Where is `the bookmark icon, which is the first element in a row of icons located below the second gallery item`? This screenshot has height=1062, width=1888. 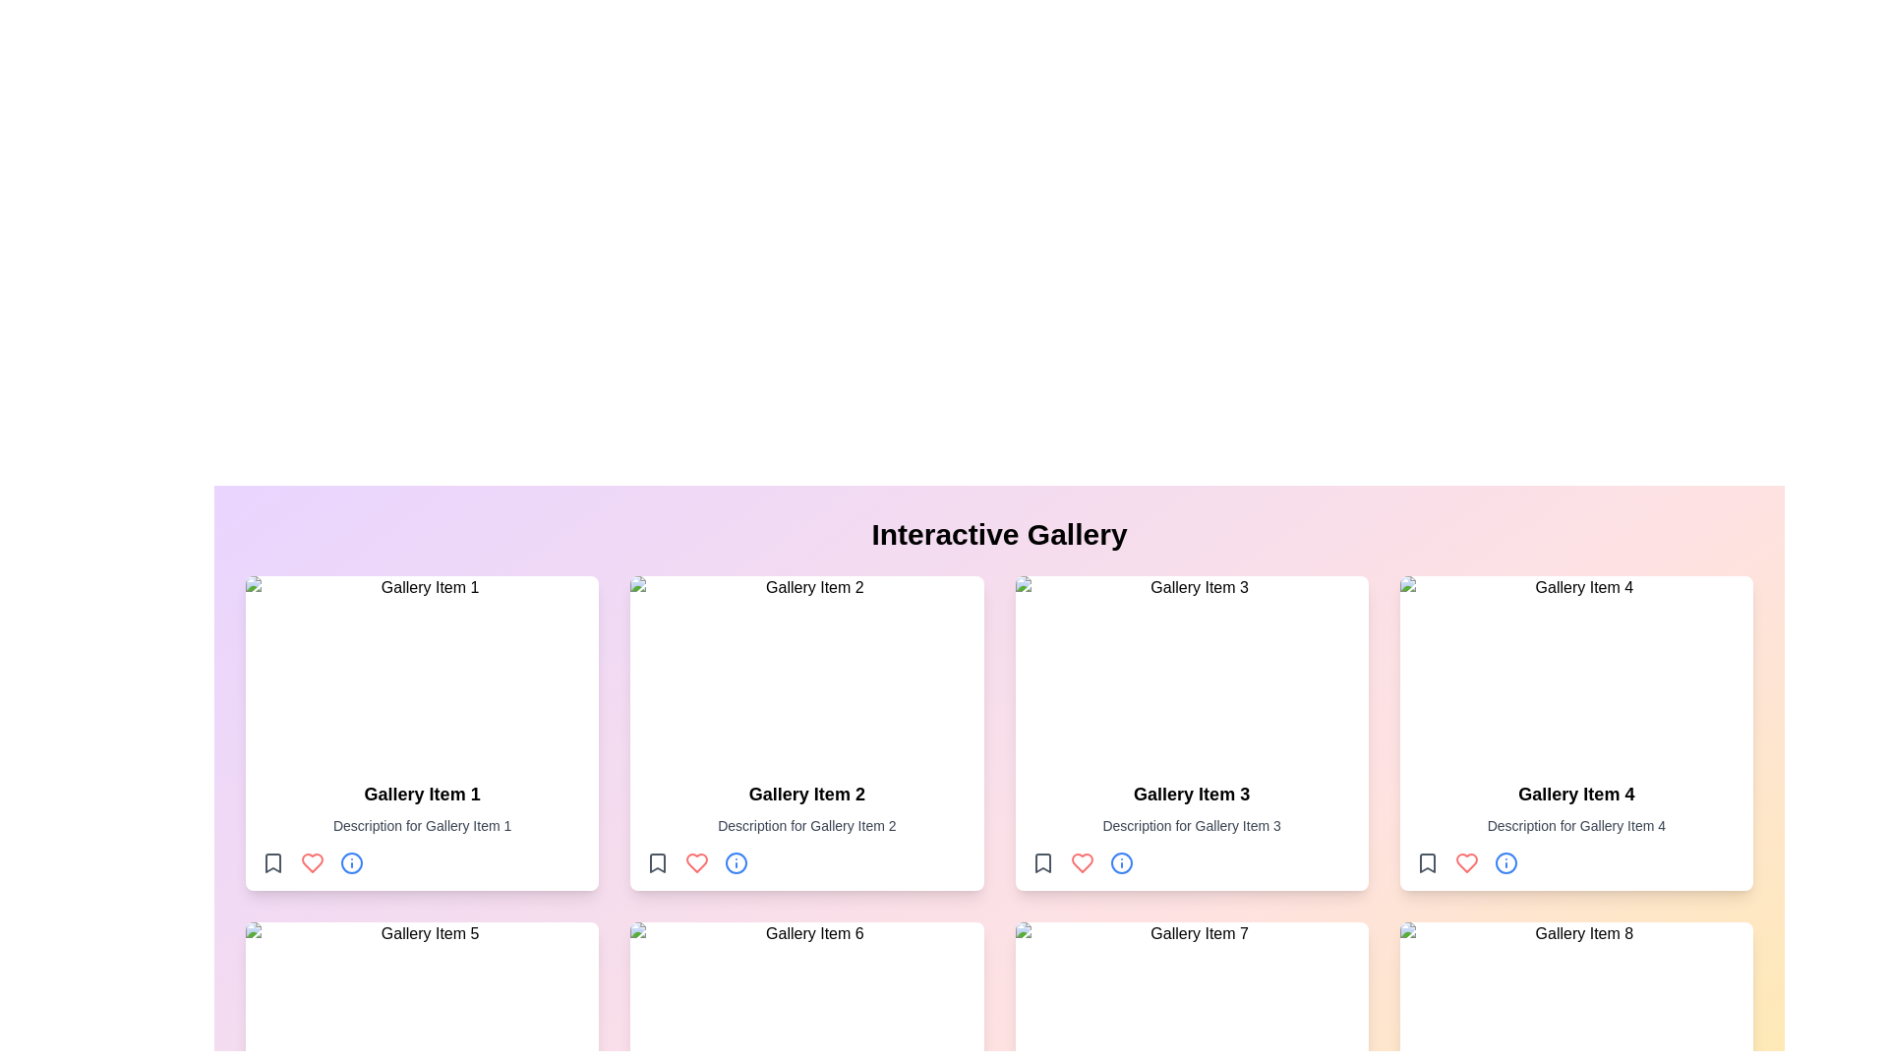
the bookmark icon, which is the first element in a row of icons located below the second gallery item is located at coordinates (658, 862).